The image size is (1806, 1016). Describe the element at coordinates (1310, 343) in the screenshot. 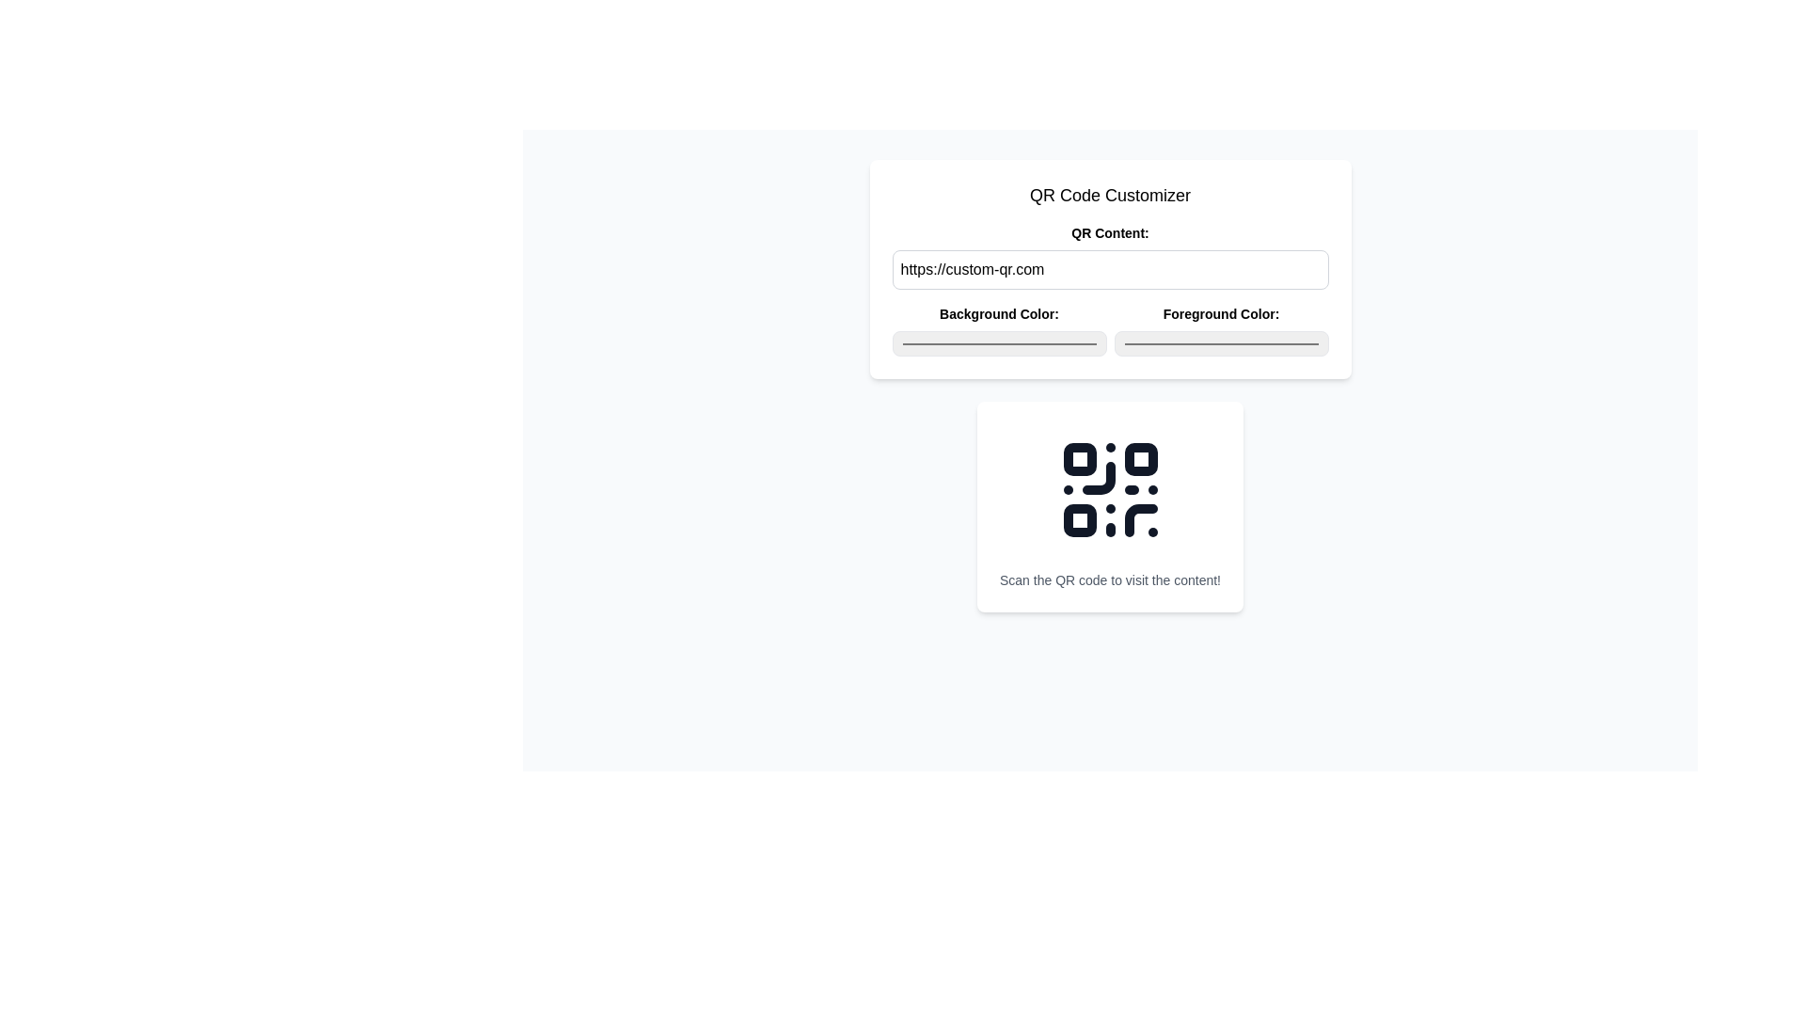

I see `the foreground color value by sliding` at that location.